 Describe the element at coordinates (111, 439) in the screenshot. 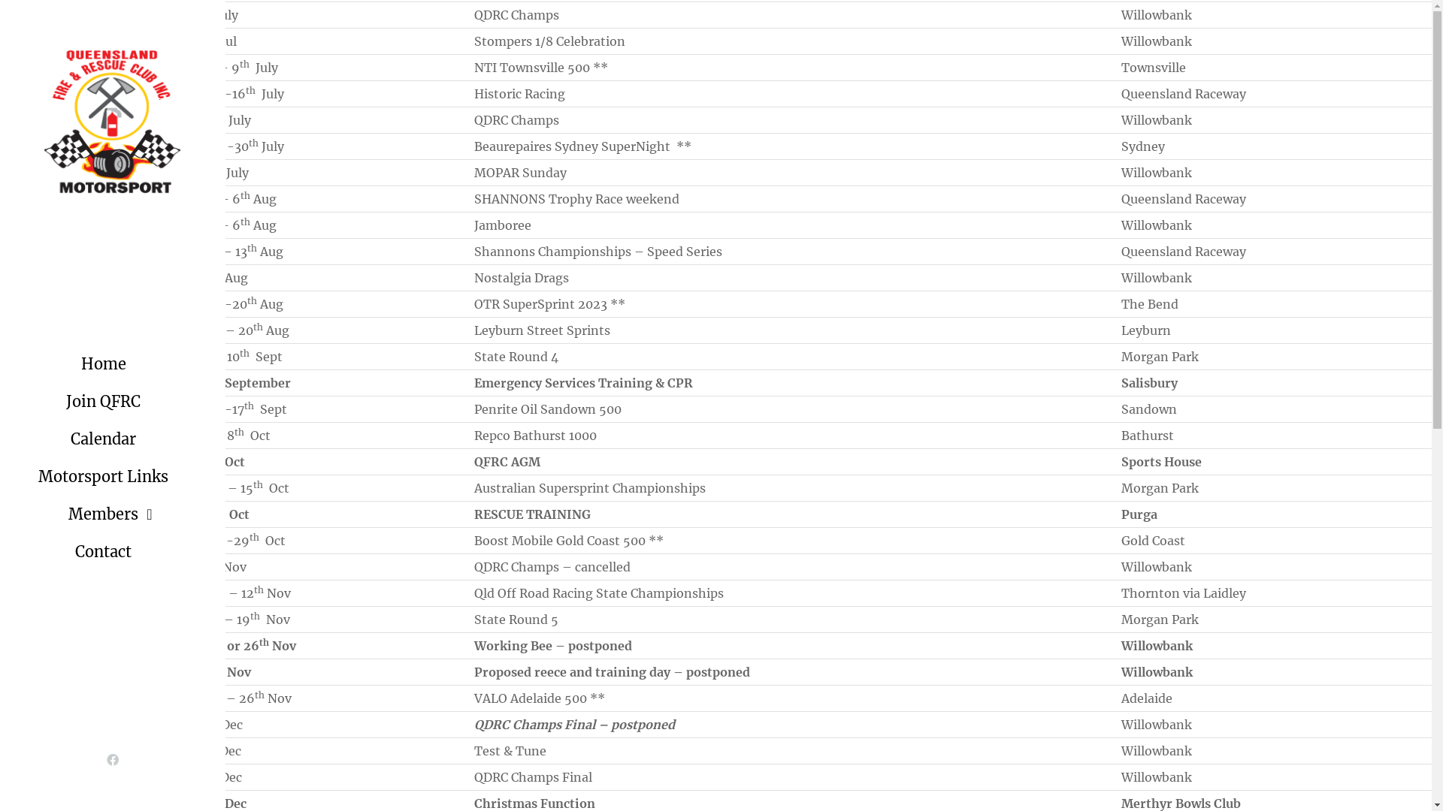

I see `'Calendar'` at that location.